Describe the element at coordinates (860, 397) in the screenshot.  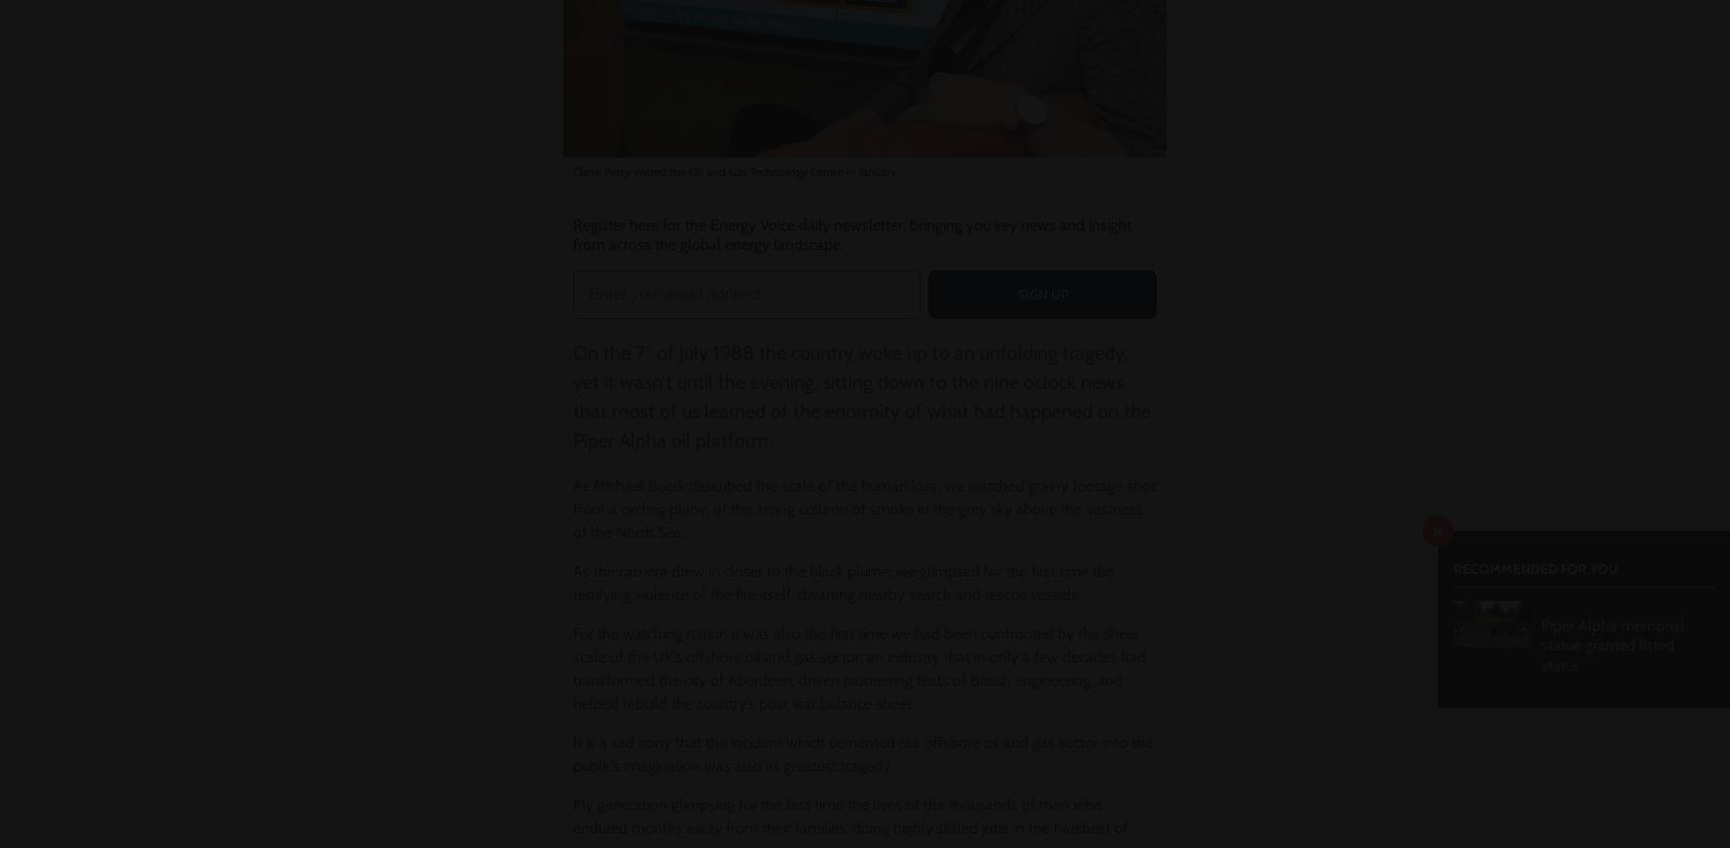
I see `'of July 1988 the country woke up to an unfolding tragedy, yet it wasn’t until the evening, sitting down to the nine o’clock news that most of us learned of the enormity of what had happened on the Piper Alpha oil platform.'` at that location.